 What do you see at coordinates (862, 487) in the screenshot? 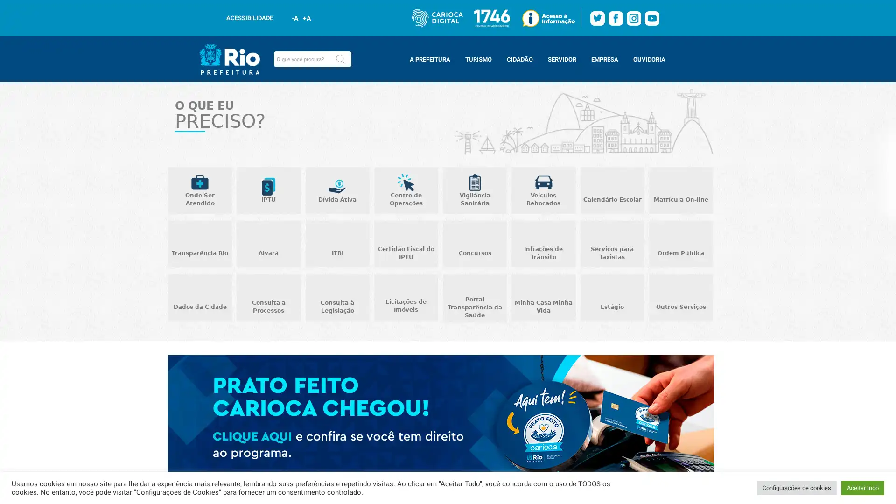
I see `Aceitar tudo` at bounding box center [862, 487].